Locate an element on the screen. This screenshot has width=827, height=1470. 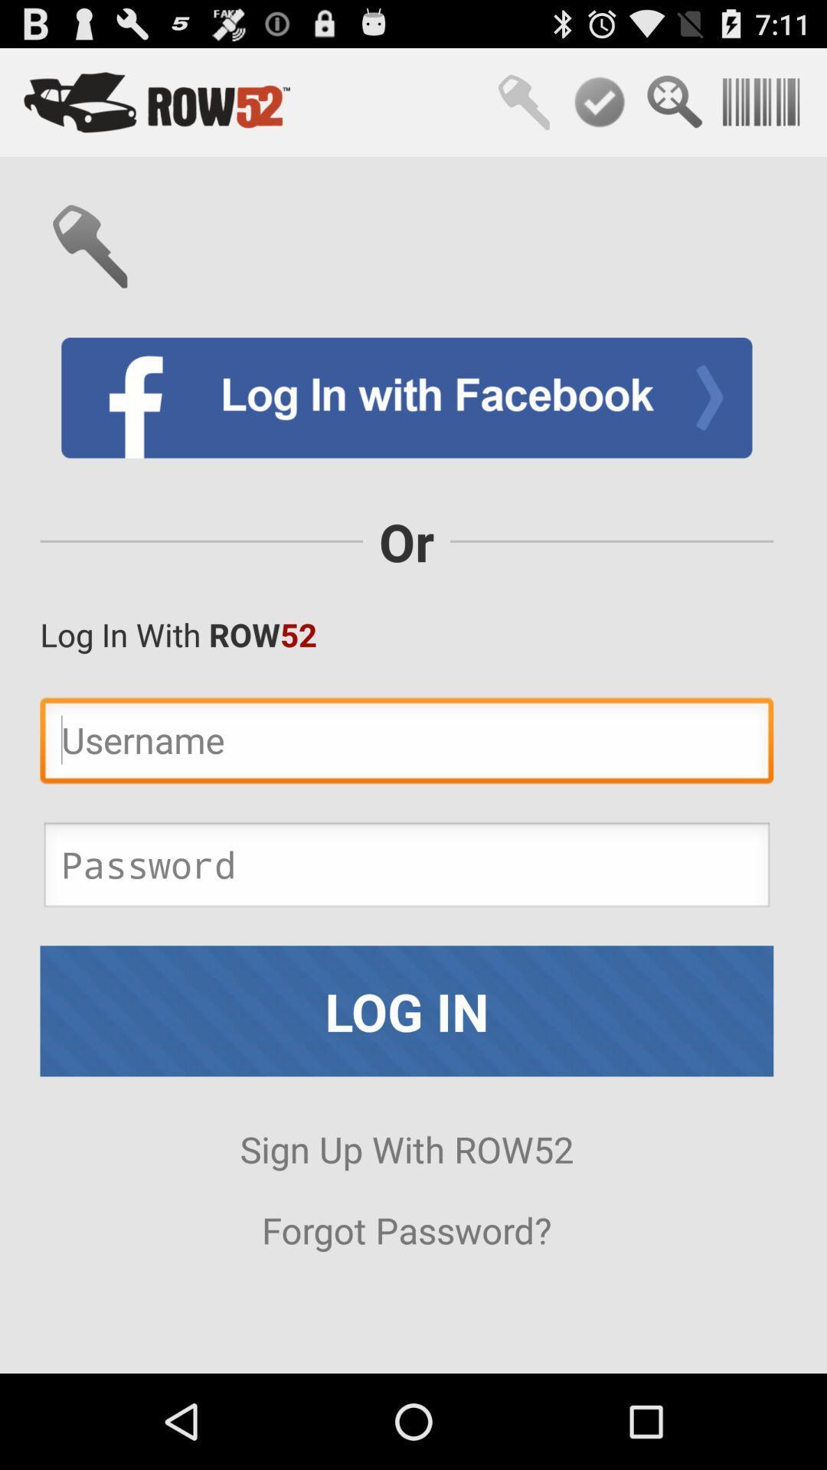
the check icon is located at coordinates (599, 109).